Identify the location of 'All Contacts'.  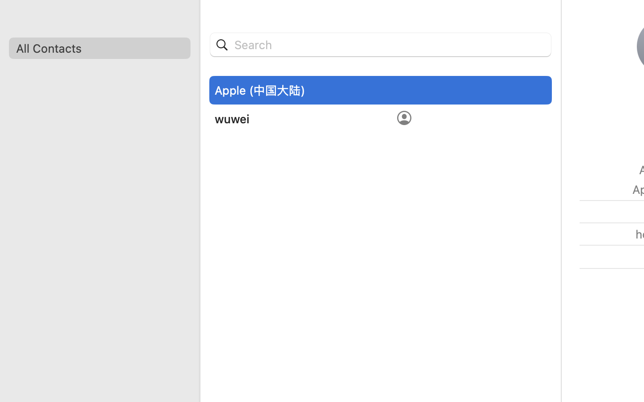
(100, 48).